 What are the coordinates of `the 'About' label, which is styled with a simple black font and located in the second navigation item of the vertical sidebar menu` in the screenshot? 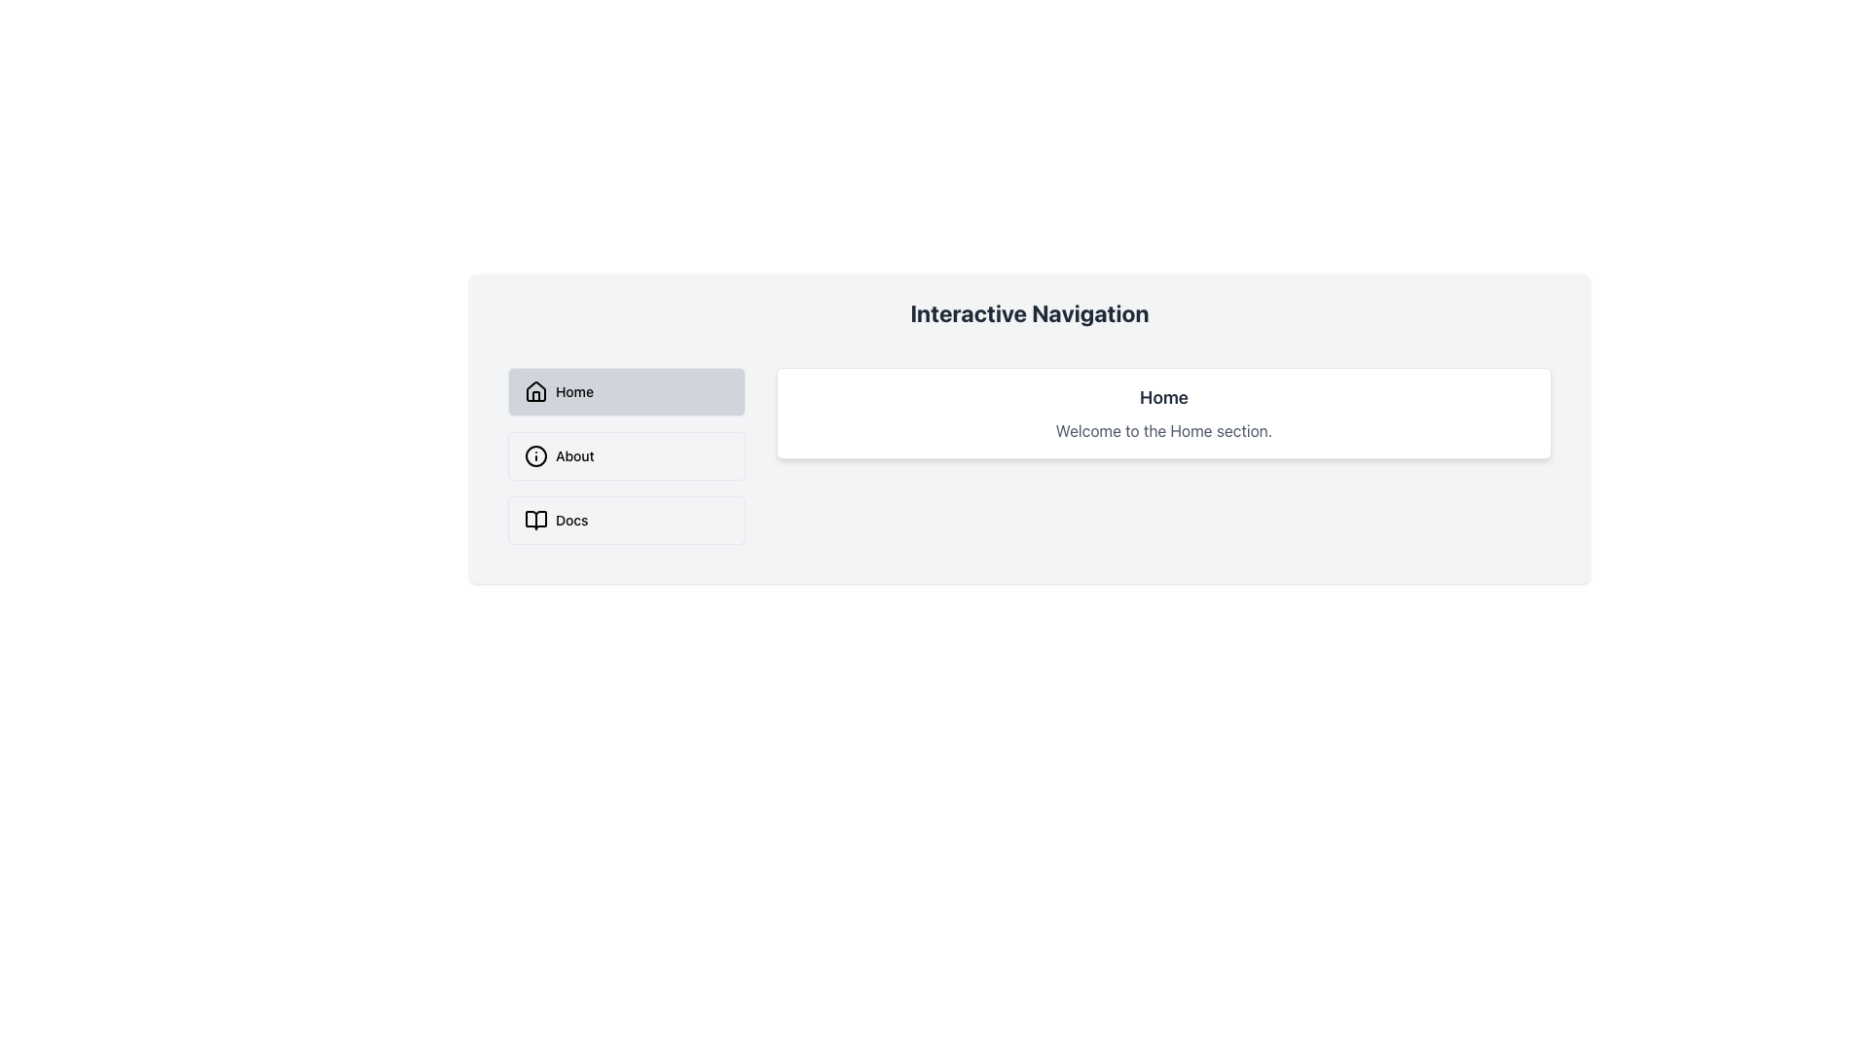 It's located at (573, 456).